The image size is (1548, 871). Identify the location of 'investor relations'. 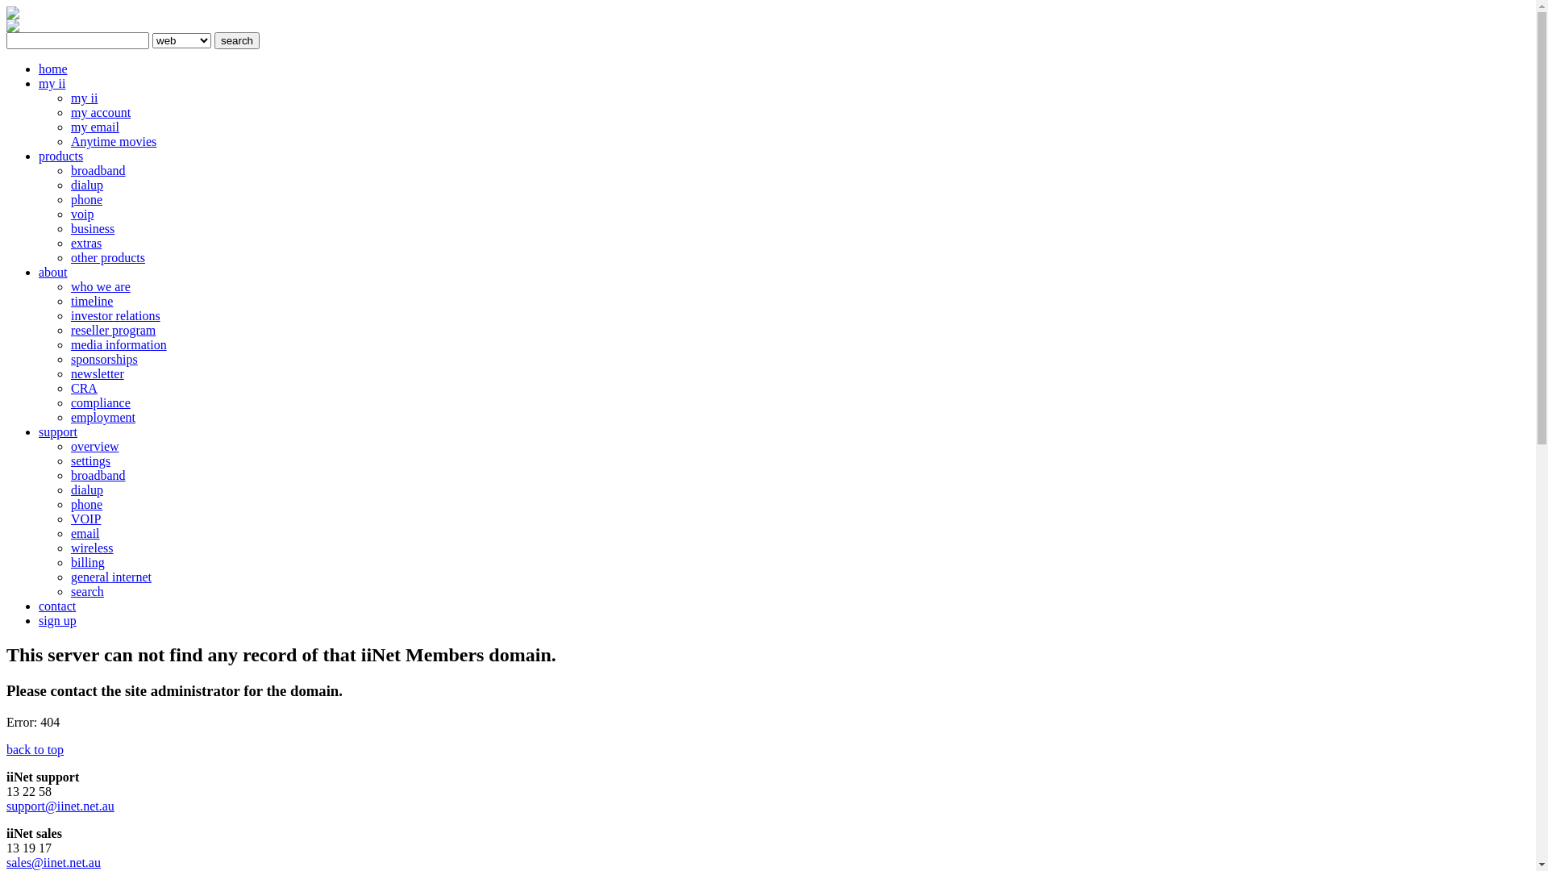
(114, 315).